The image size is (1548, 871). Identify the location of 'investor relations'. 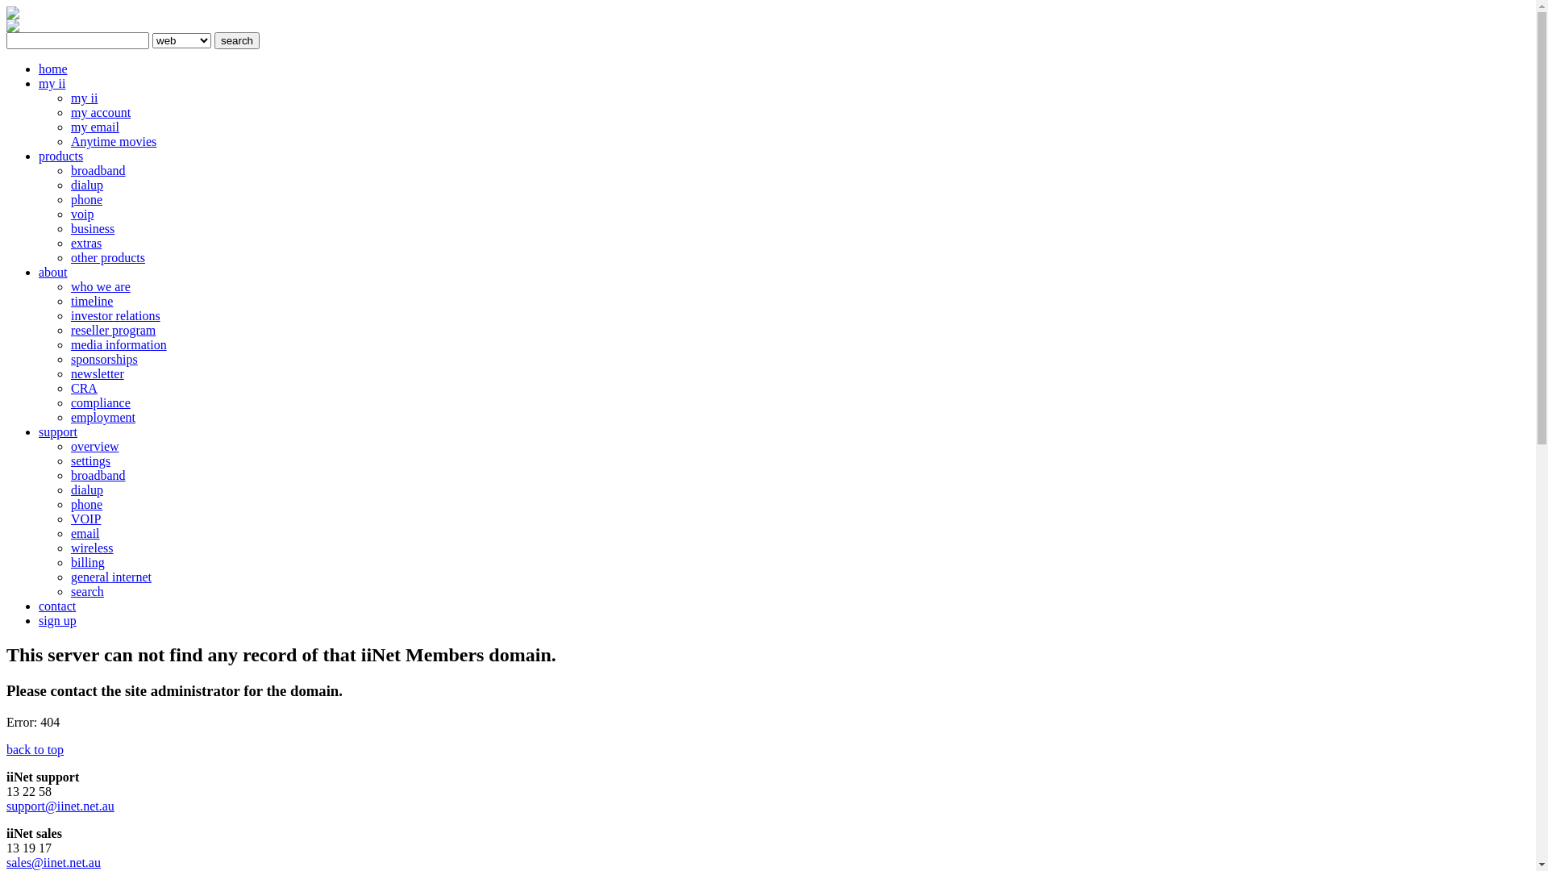
(114, 315).